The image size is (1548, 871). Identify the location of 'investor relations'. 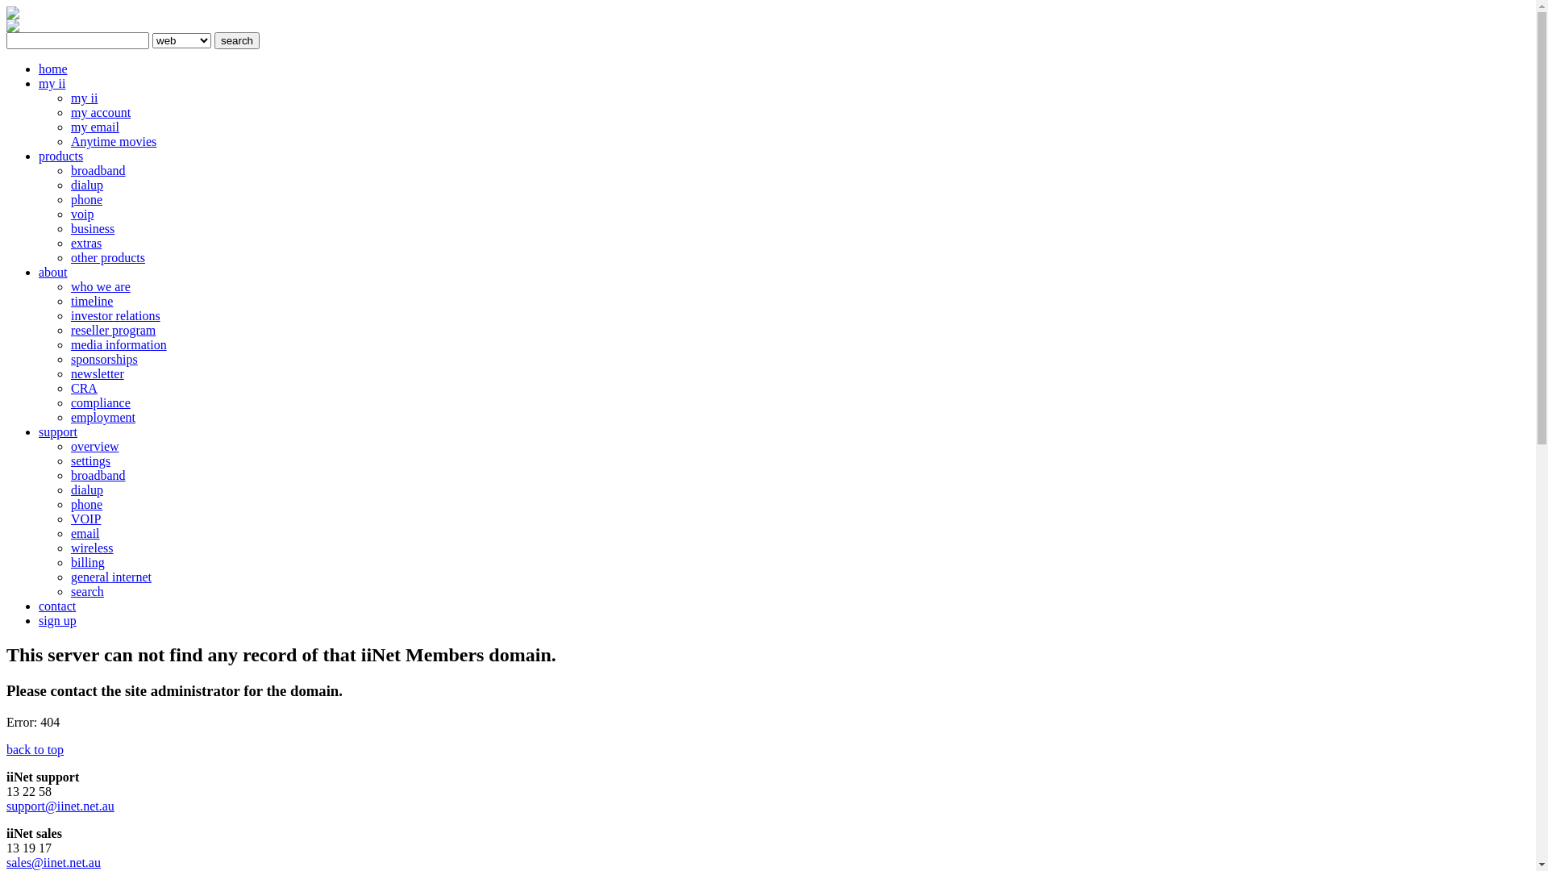
(114, 315).